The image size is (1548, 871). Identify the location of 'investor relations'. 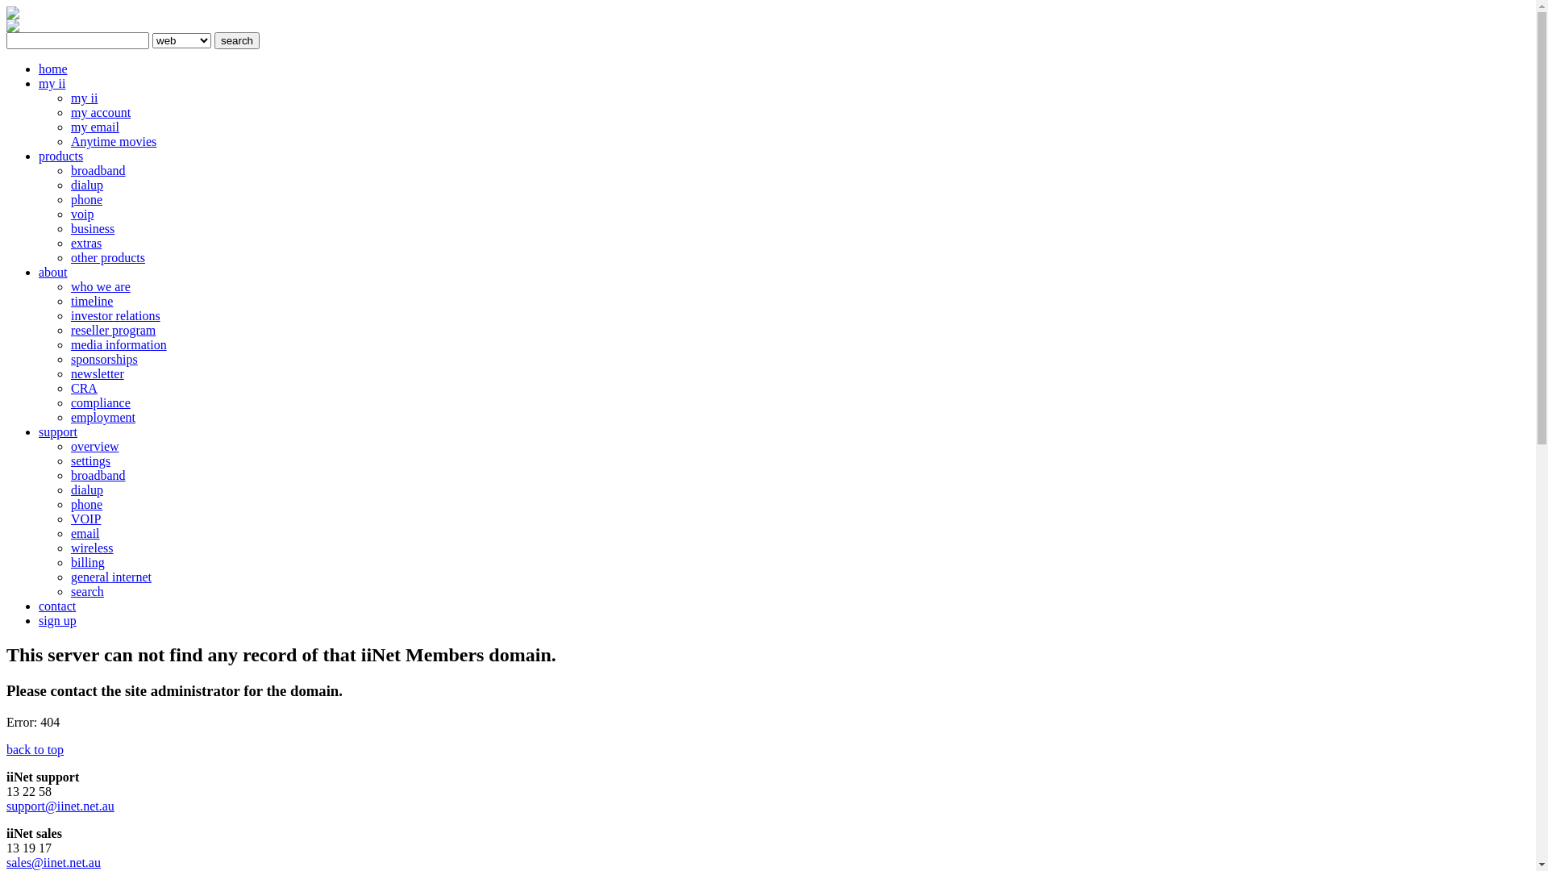
(114, 315).